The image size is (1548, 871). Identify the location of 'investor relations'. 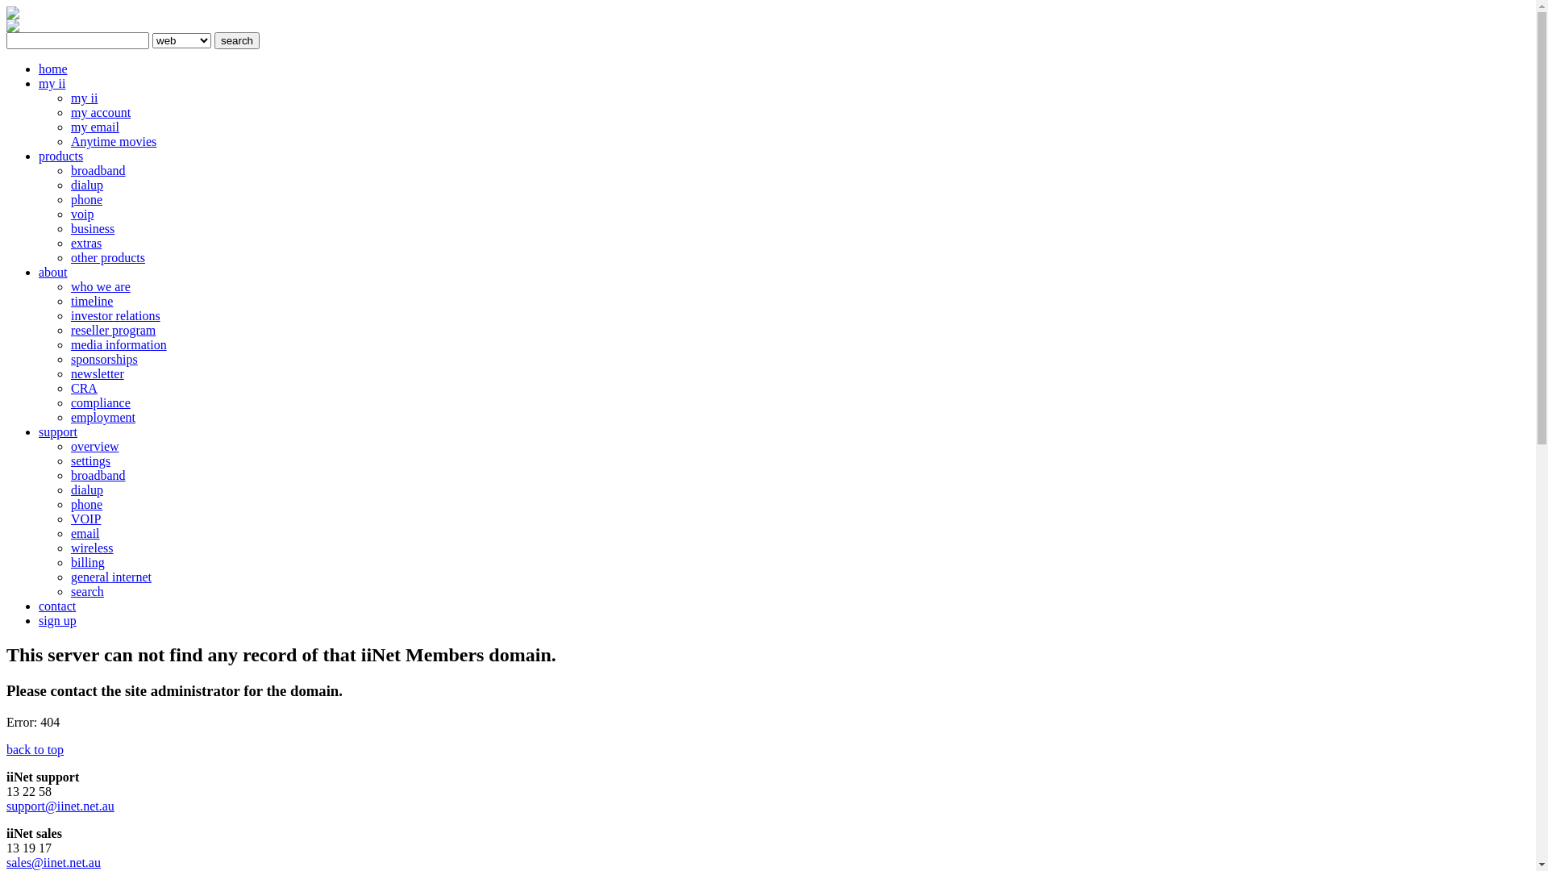
(114, 315).